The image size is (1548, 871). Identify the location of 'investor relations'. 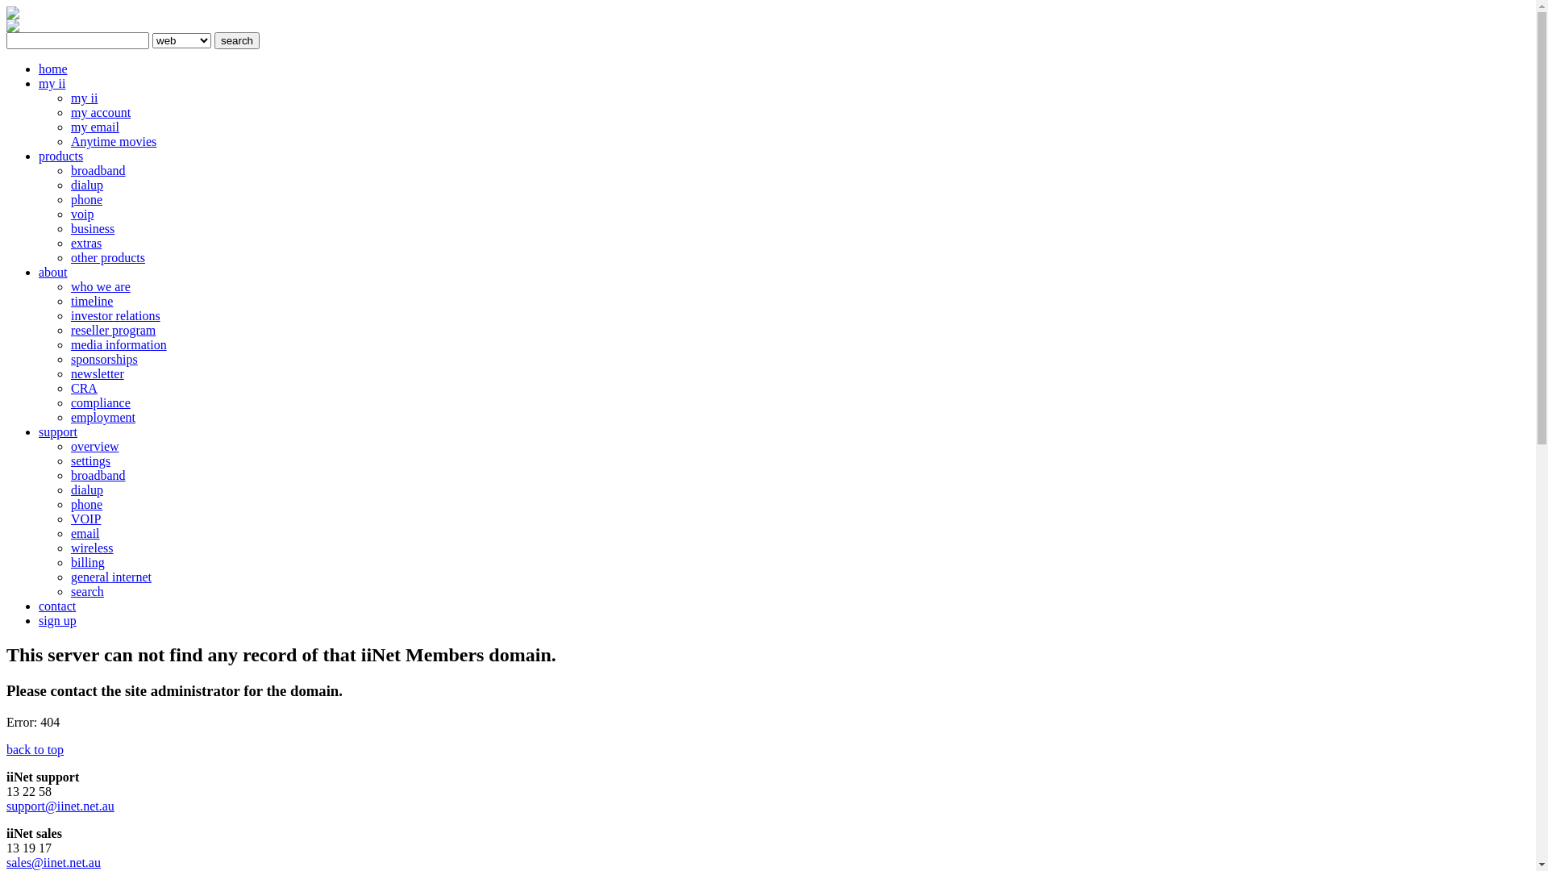
(114, 315).